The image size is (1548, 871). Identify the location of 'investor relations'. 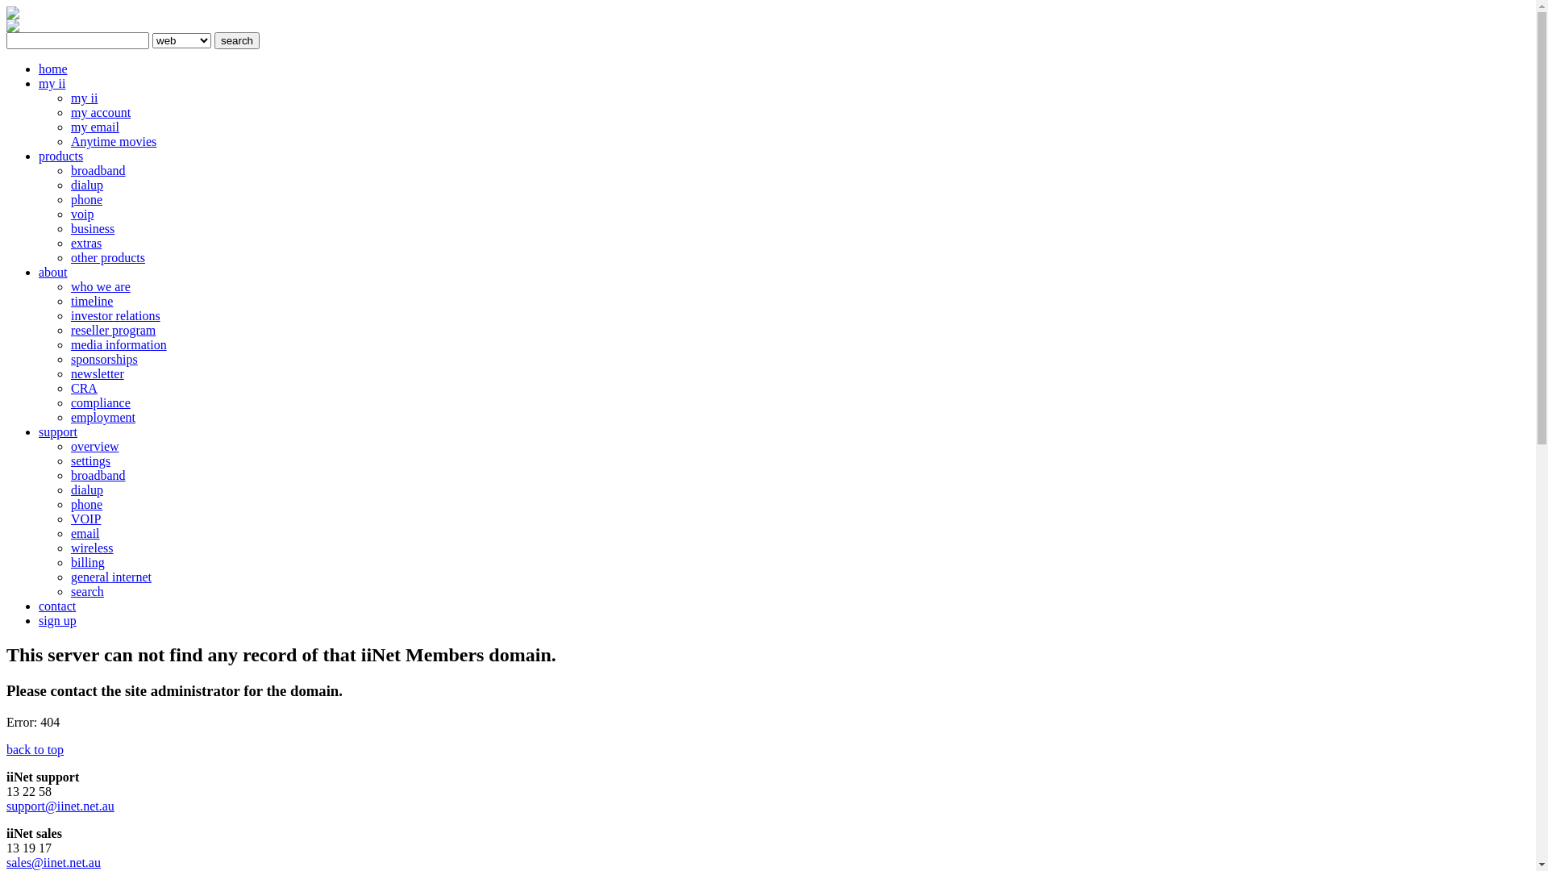
(114, 315).